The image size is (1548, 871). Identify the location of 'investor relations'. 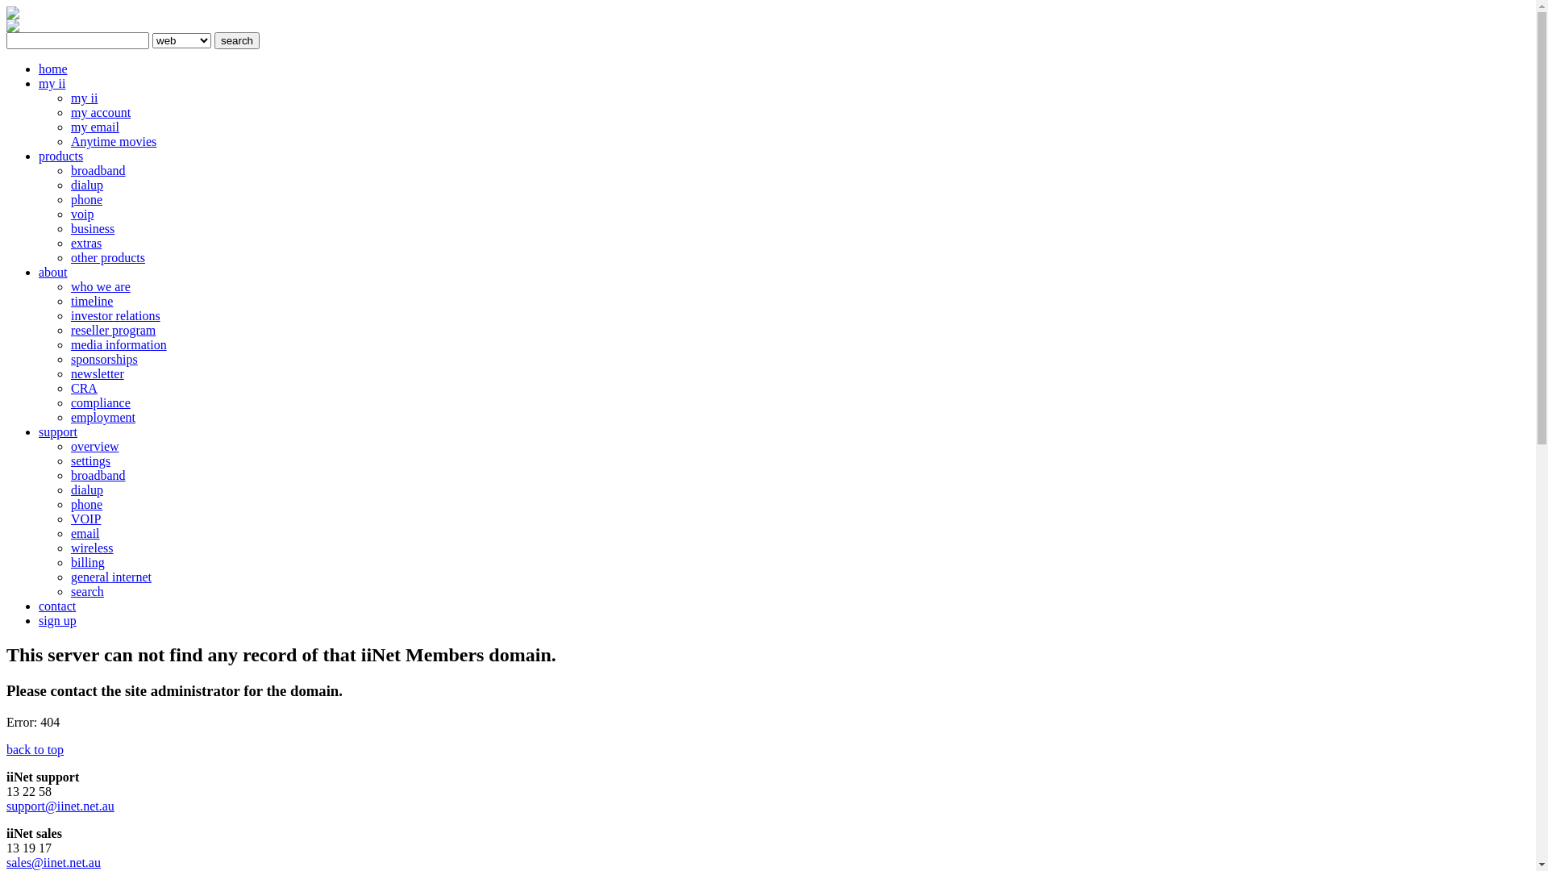
(114, 315).